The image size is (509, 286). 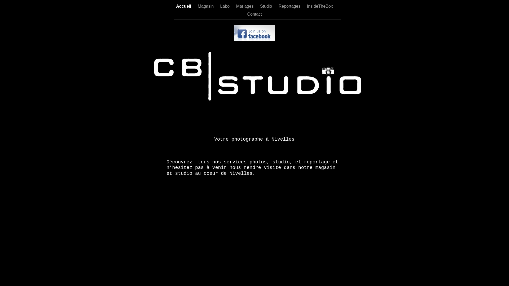 I want to click on 'Contact', so click(x=254, y=14).